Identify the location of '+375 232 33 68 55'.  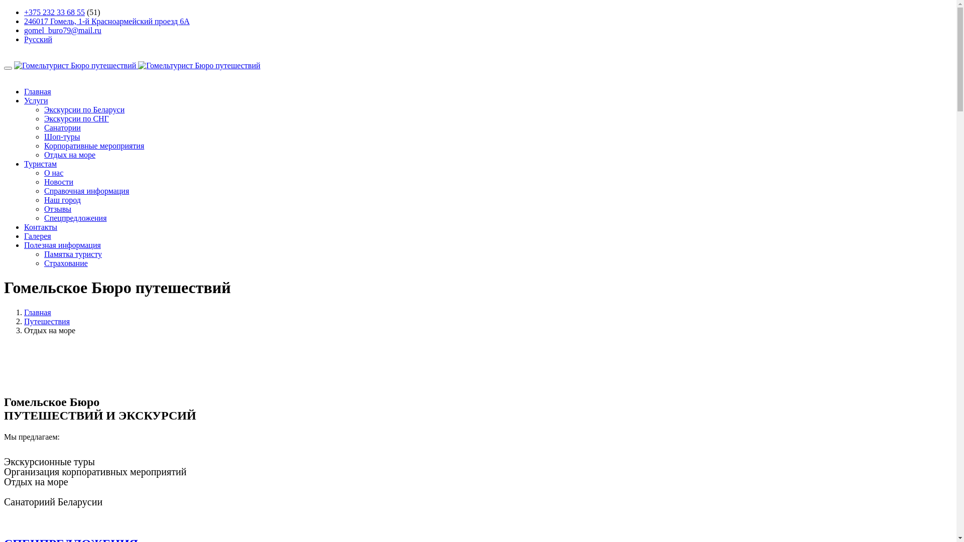
(54, 12).